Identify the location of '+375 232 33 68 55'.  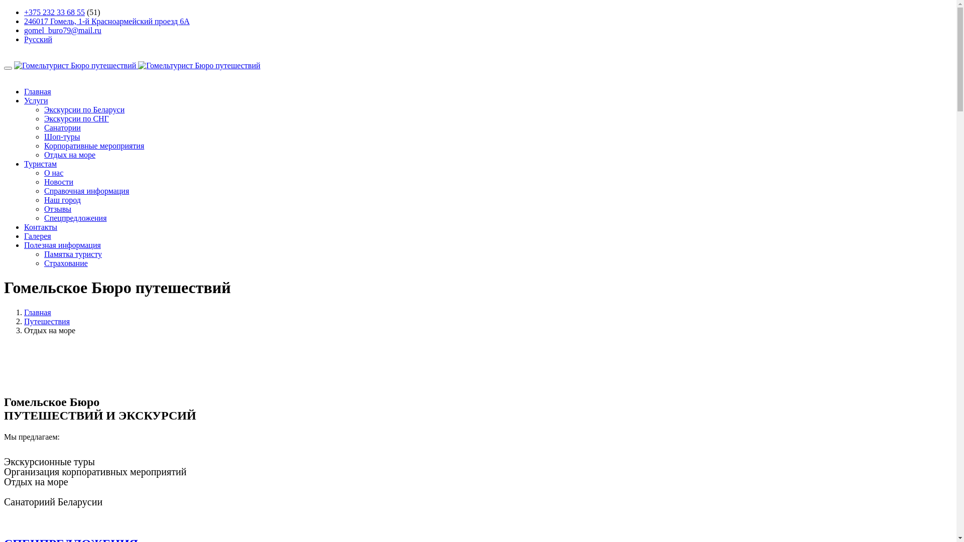
(54, 12).